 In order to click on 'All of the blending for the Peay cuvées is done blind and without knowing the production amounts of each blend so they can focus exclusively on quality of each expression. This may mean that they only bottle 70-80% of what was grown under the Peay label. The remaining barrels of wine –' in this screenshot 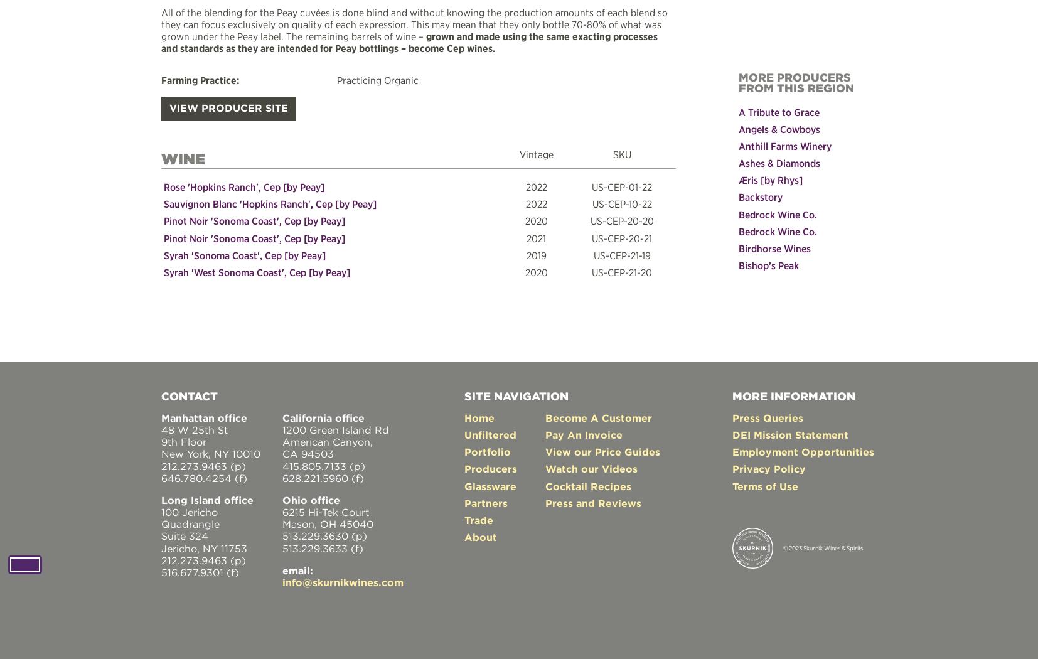, I will do `click(414, 24)`.